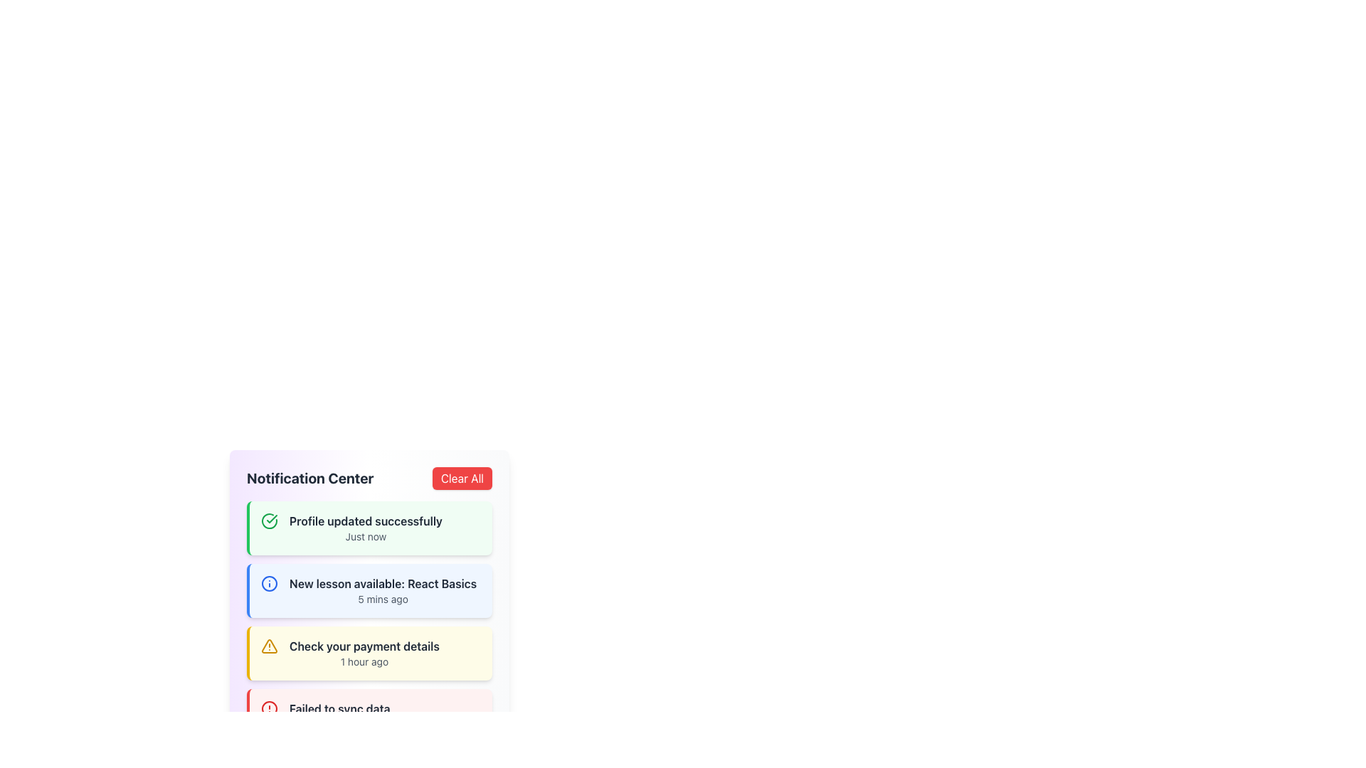 The image size is (1366, 768). What do you see at coordinates (270, 521) in the screenshot?
I see `the success status icon located on the left side of the 'Profile updated successfully.' notification panel` at bounding box center [270, 521].